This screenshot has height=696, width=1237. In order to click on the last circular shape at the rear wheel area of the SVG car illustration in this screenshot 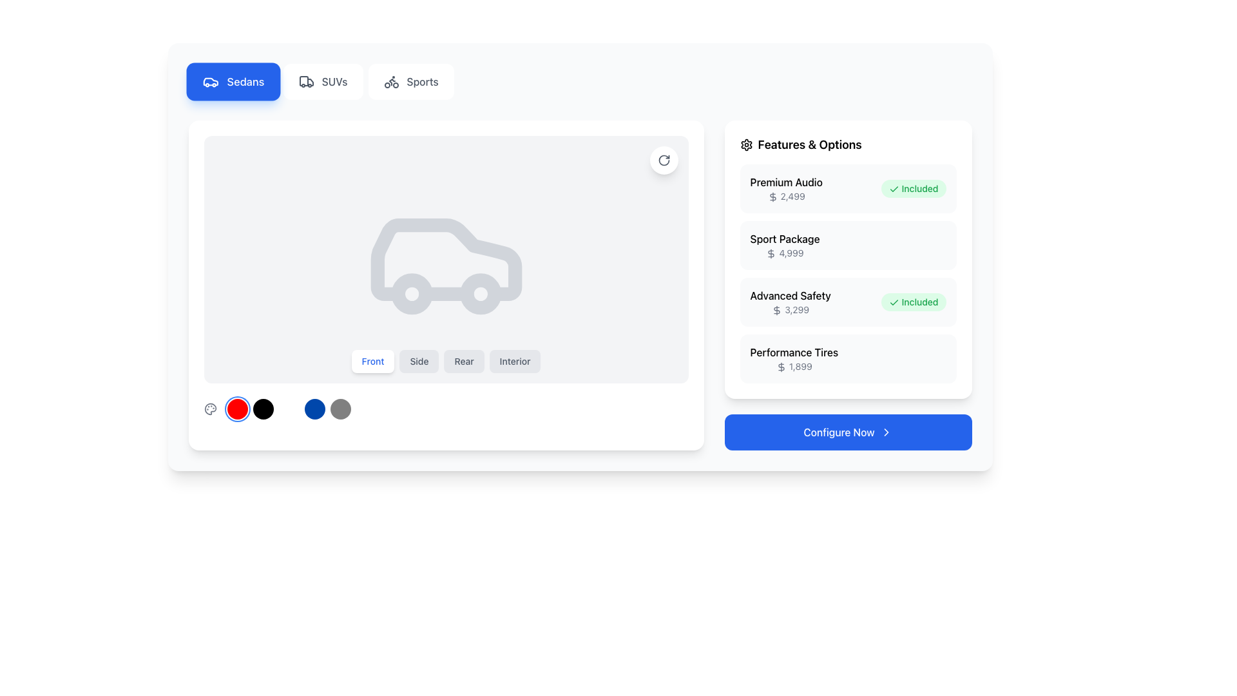, I will do `click(479, 294)`.